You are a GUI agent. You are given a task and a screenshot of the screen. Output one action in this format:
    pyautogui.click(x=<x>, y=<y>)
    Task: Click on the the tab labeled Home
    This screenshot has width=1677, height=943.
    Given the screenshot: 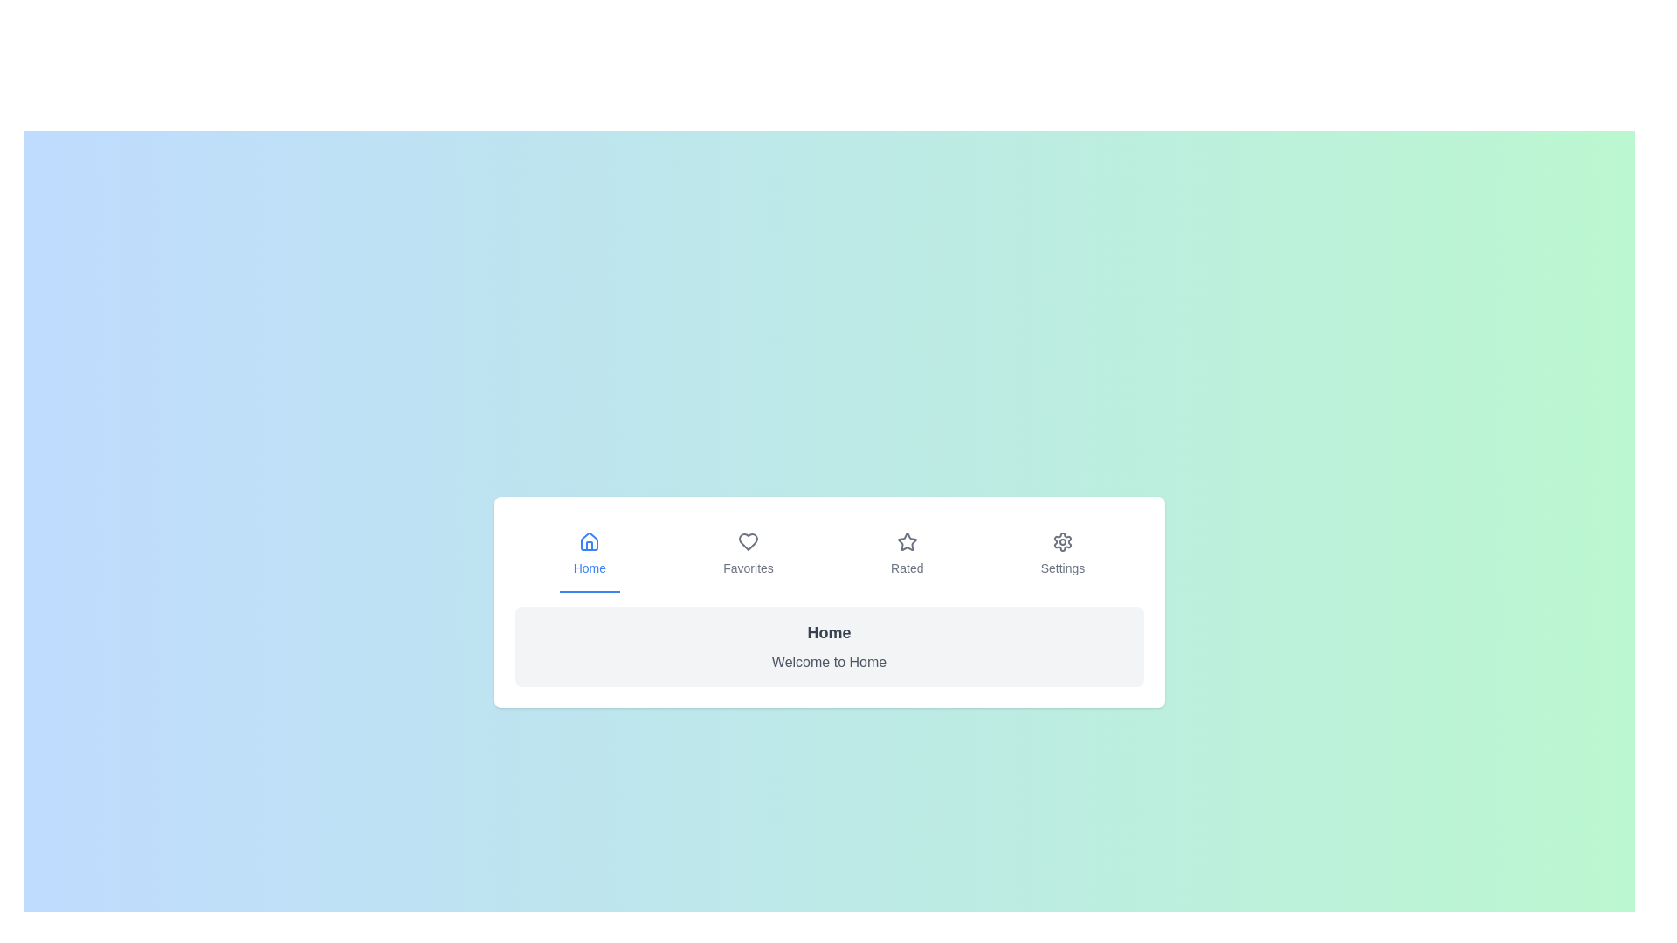 What is the action you would take?
    pyautogui.click(x=590, y=555)
    